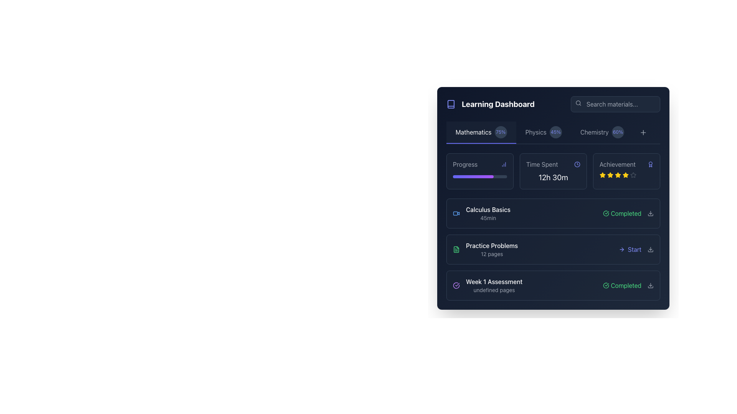 This screenshot has width=737, height=414. I want to click on the subject in the Horizontal Menu, so click(553, 132).